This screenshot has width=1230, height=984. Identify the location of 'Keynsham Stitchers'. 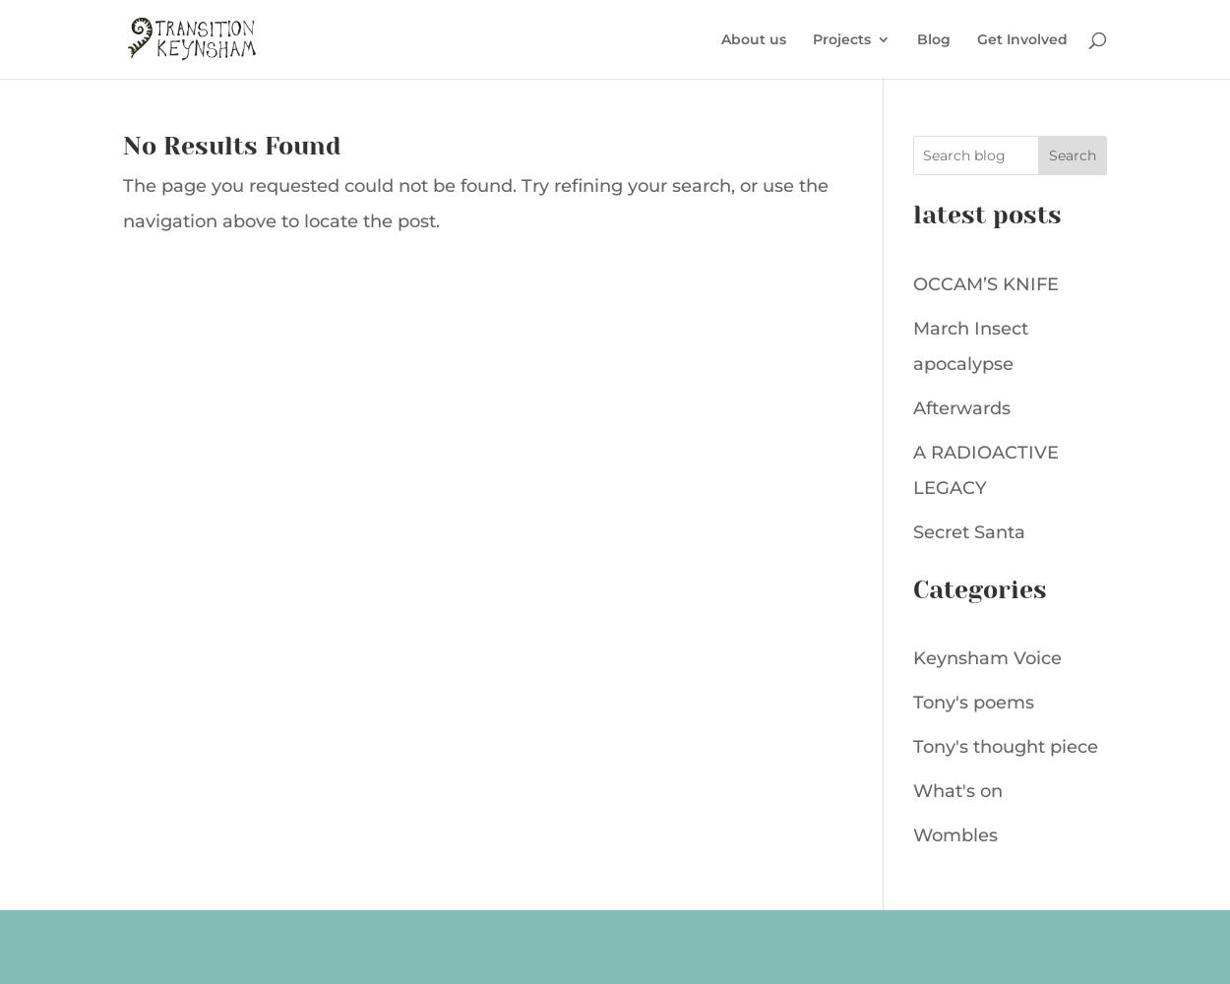
(923, 199).